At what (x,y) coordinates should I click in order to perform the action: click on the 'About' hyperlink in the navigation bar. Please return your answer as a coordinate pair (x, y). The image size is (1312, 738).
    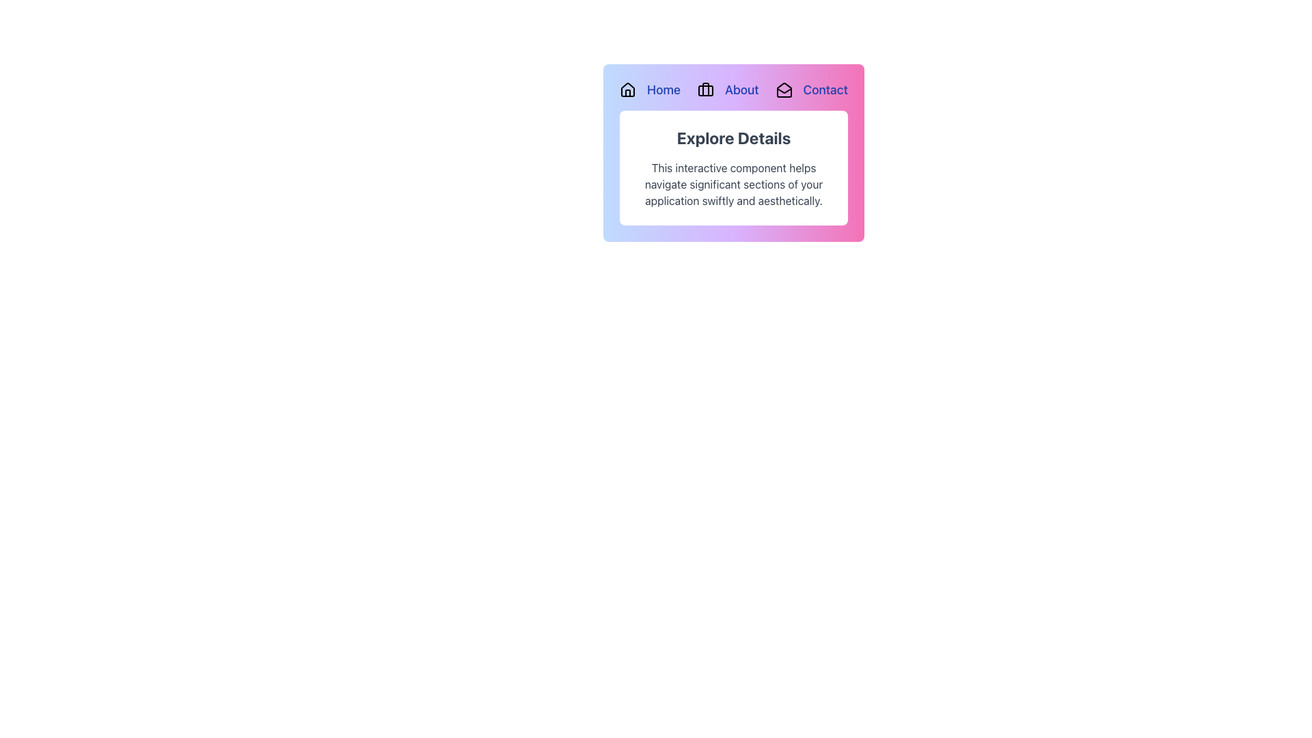
    Looking at the image, I should click on (741, 90).